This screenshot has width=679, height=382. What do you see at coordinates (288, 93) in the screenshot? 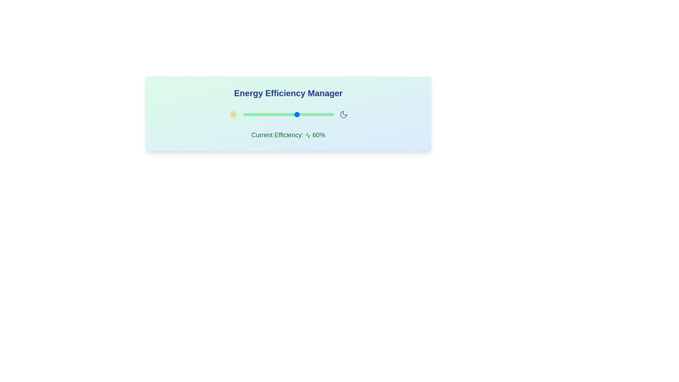
I see `the title text 'Energy Efficiency Manager' to select it` at bounding box center [288, 93].